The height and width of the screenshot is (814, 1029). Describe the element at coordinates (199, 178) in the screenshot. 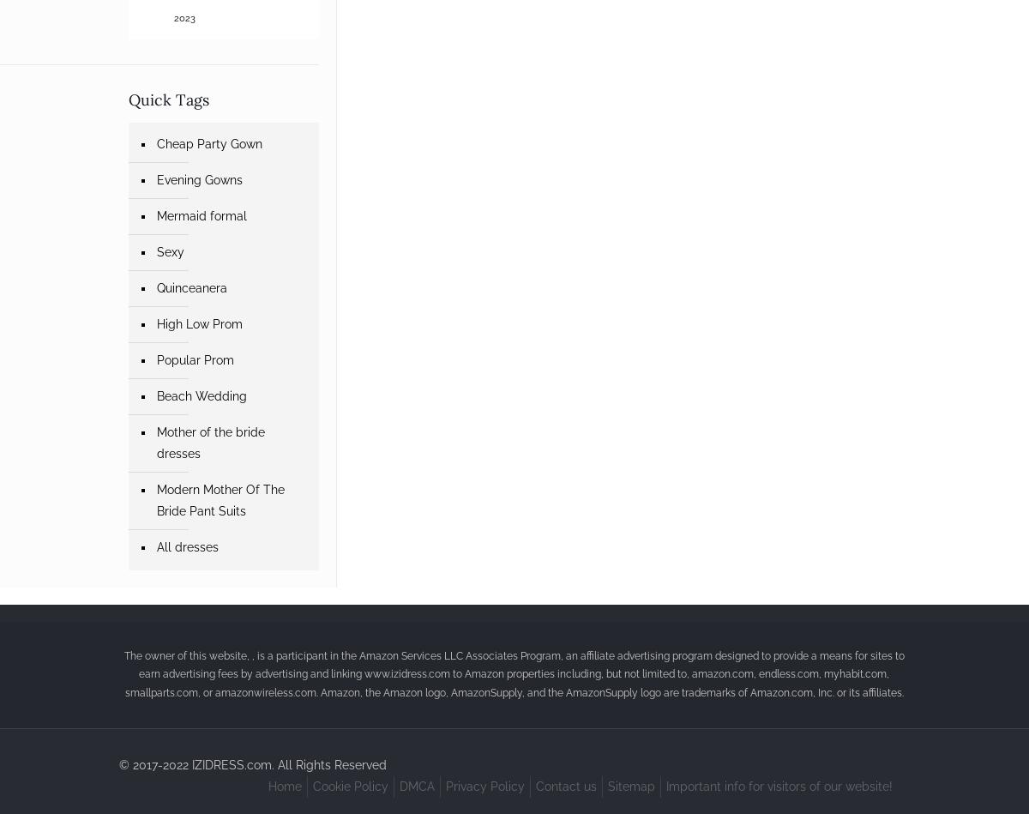

I see `'Evening Gowns'` at that location.